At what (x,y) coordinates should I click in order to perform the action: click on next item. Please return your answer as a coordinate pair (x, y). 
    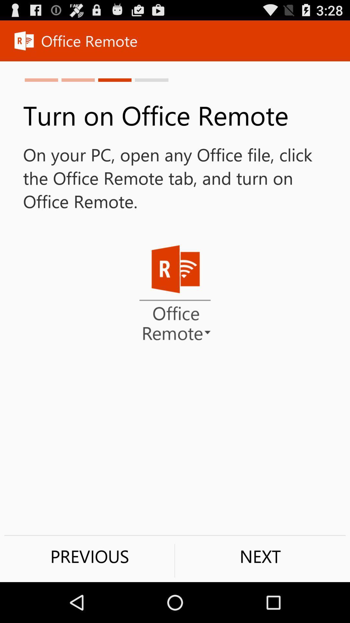
    Looking at the image, I should click on (260, 556).